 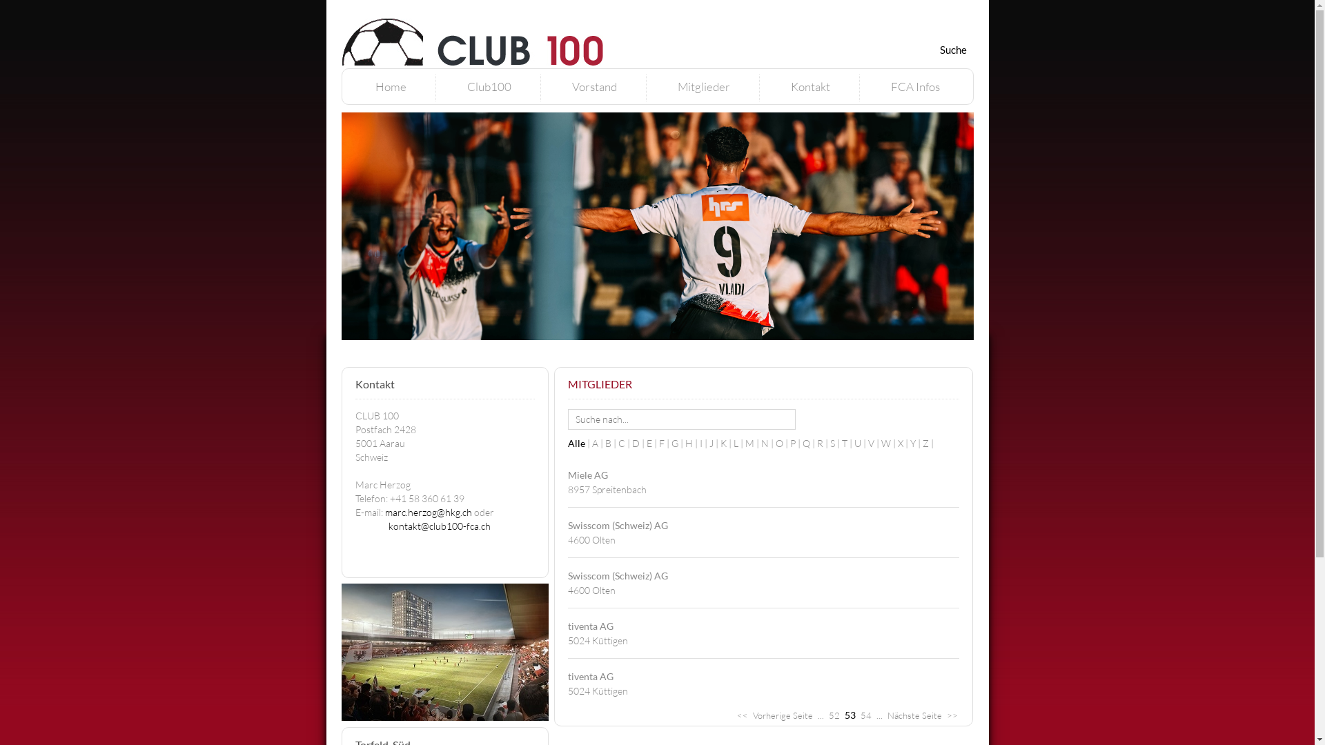 I want to click on 'H', so click(x=685, y=443).